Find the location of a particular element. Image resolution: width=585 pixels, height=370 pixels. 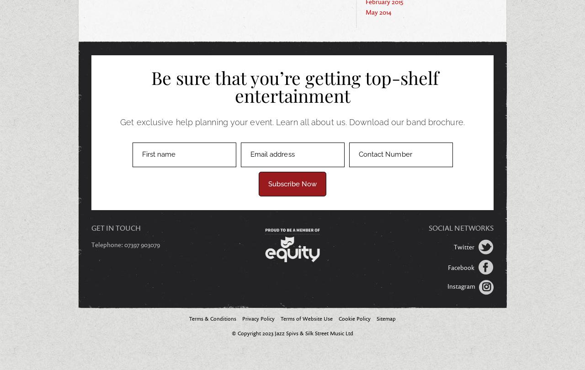

'Terms & Conditions' is located at coordinates (188, 317).